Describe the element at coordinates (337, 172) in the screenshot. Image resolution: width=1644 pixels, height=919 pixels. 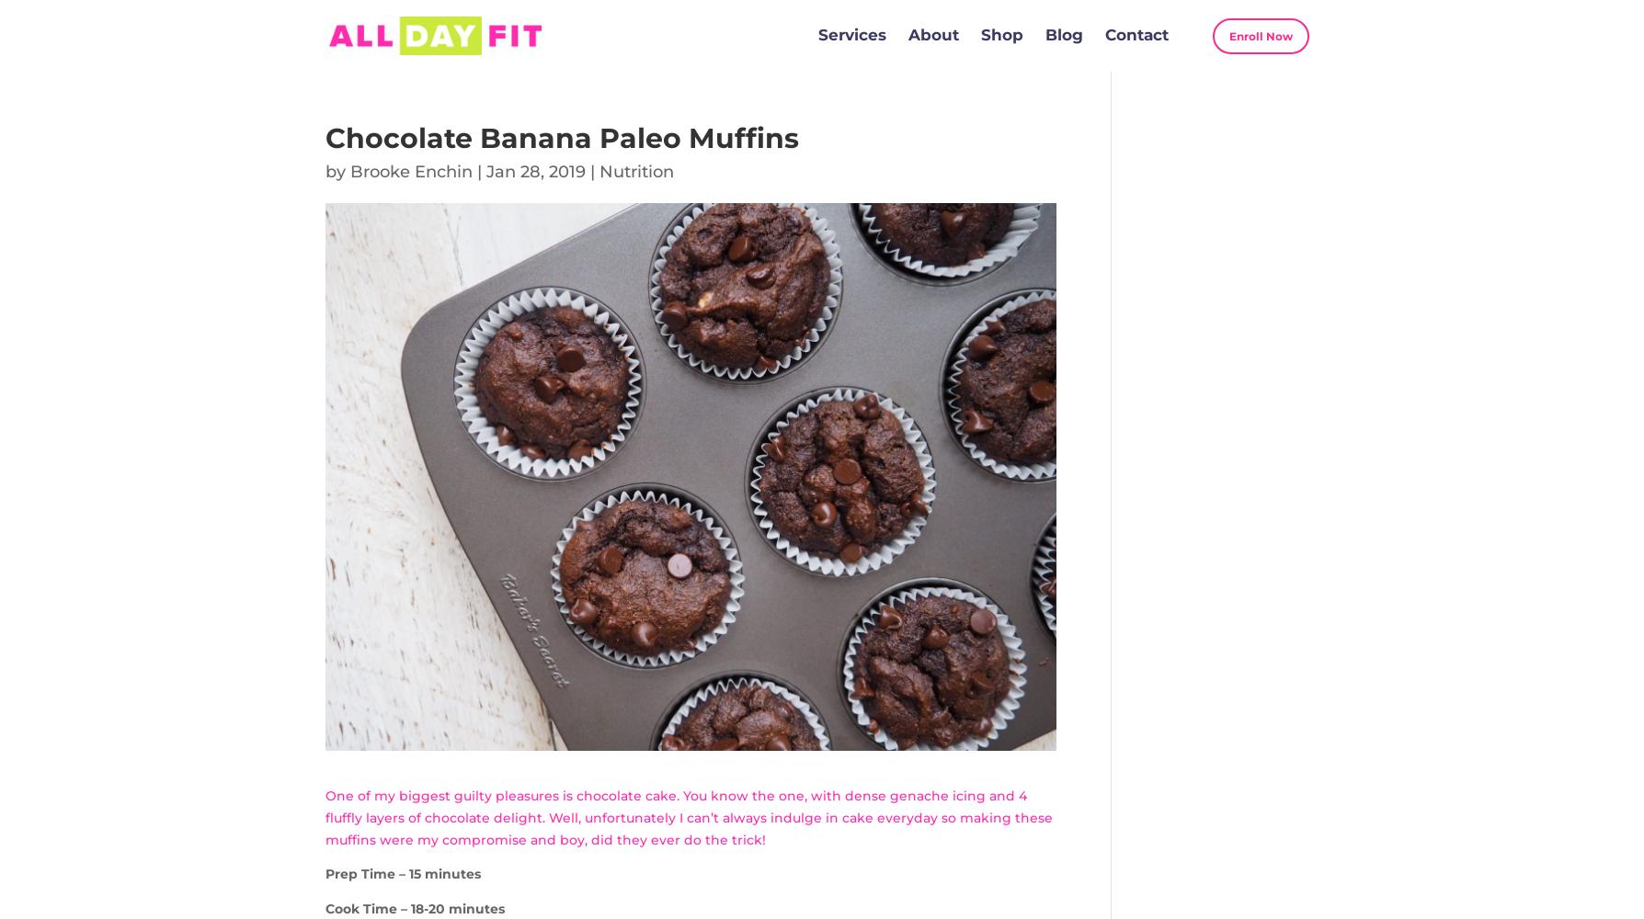
I see `'by'` at that location.